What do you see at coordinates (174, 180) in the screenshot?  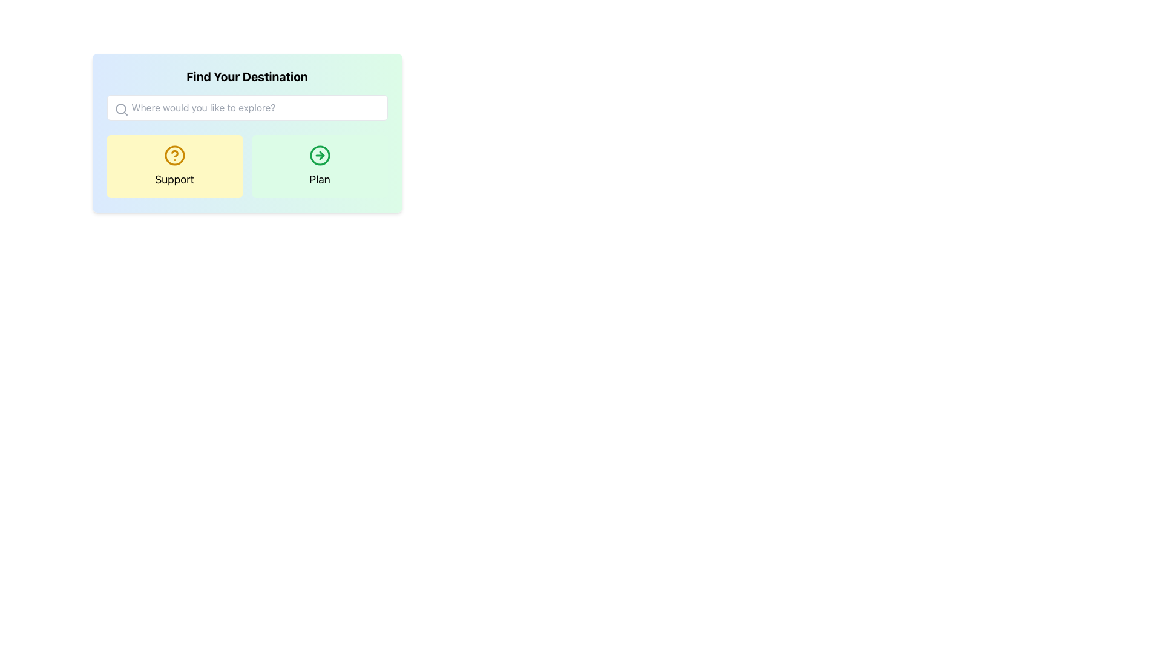 I see `the text label representing a category for a section, located near the bottom-center of a yellow rectangular region, aligned horizontally with another option labeled 'Plan'` at bounding box center [174, 180].